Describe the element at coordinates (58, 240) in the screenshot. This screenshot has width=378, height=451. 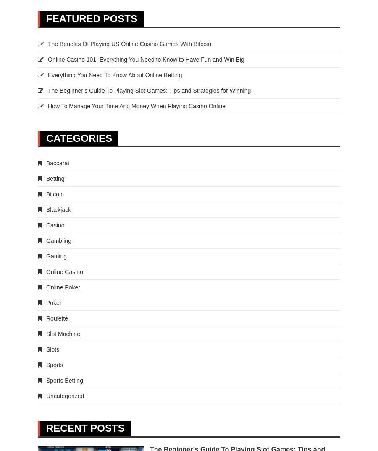
I see `'Gambling'` at that location.